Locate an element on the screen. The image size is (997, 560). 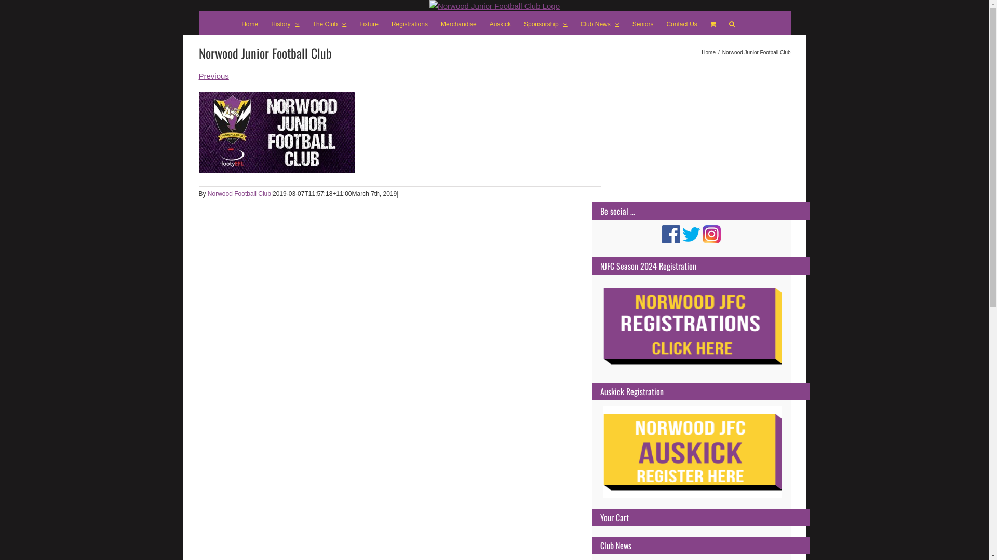
'Fixture' is located at coordinates (369, 23).